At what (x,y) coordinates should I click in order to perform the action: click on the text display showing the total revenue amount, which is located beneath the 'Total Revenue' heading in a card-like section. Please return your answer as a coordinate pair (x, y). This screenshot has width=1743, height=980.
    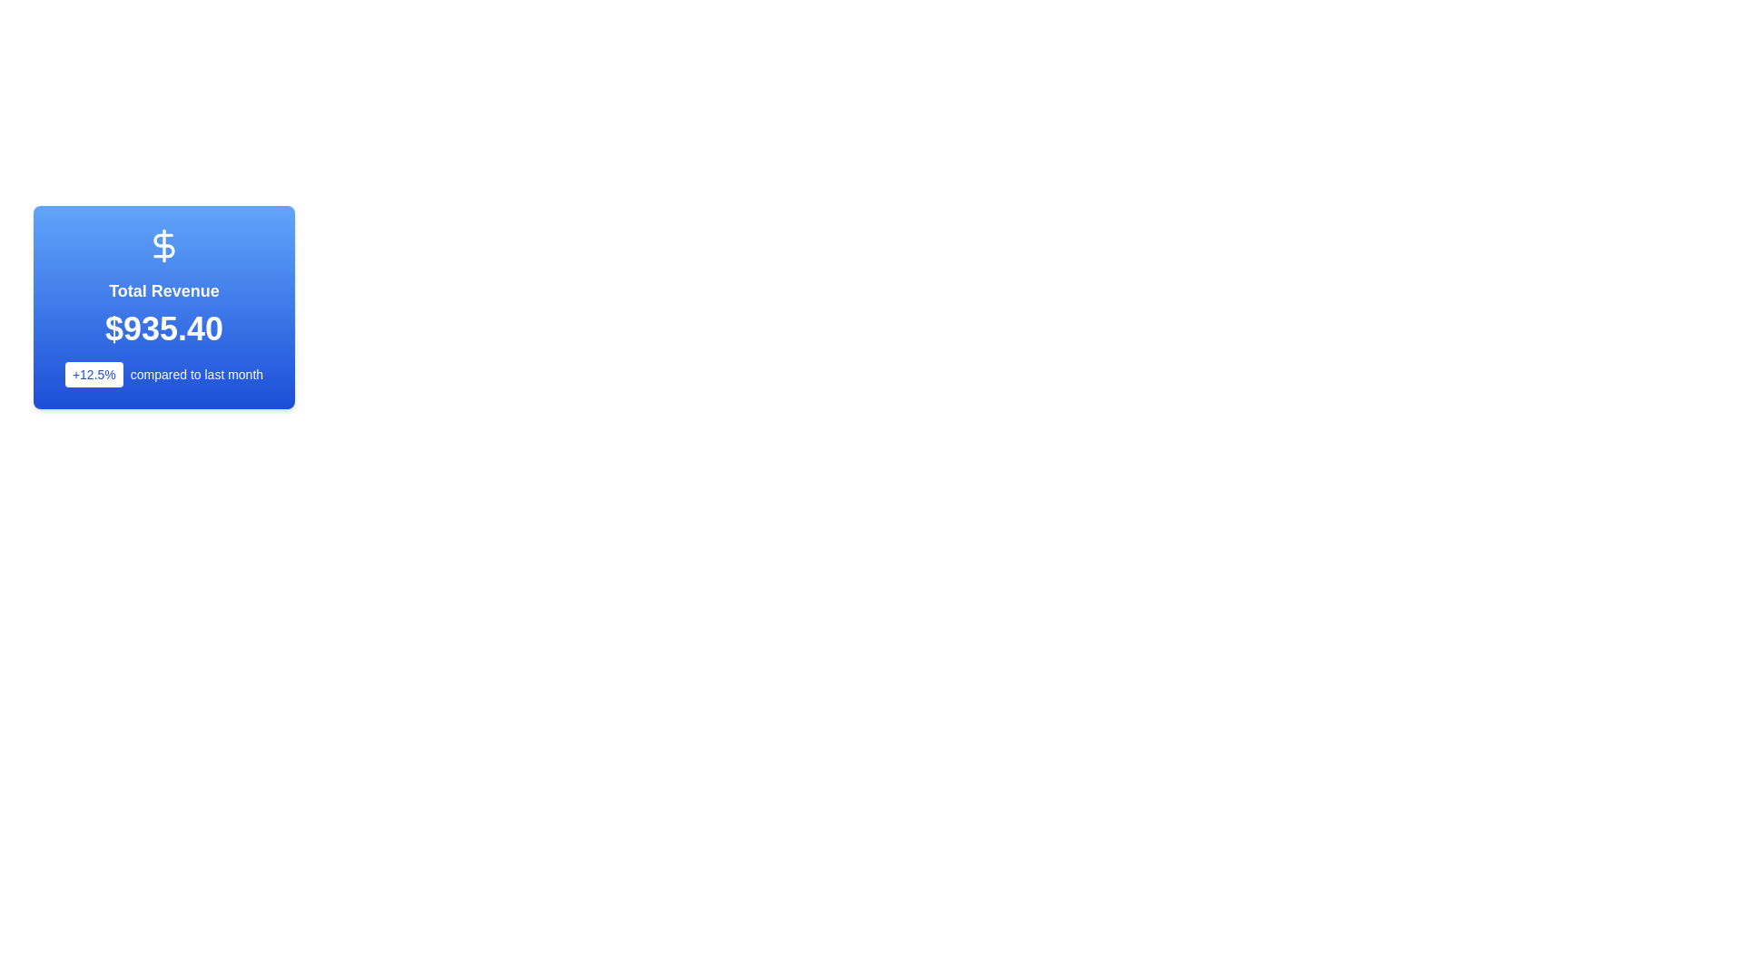
    Looking at the image, I should click on (164, 328).